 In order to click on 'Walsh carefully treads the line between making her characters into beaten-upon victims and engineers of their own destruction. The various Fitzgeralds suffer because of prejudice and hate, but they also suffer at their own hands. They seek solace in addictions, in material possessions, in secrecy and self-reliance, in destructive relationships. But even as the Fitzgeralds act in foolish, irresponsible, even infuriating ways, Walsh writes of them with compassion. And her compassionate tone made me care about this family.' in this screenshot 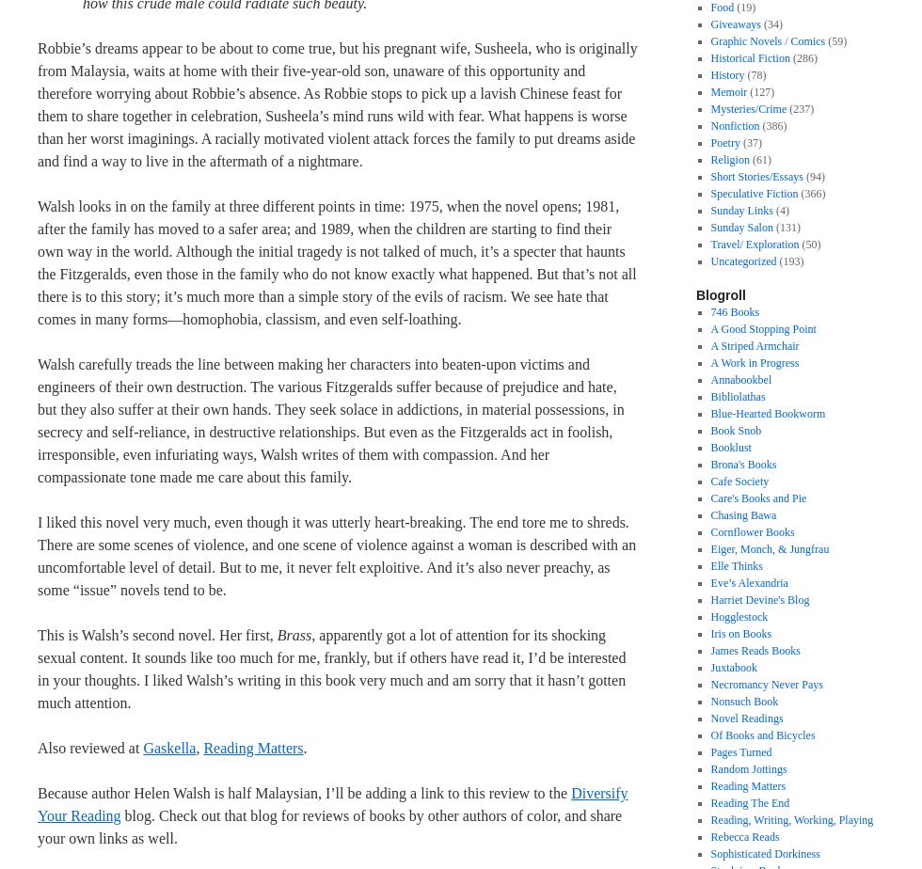, I will do `click(330, 420)`.